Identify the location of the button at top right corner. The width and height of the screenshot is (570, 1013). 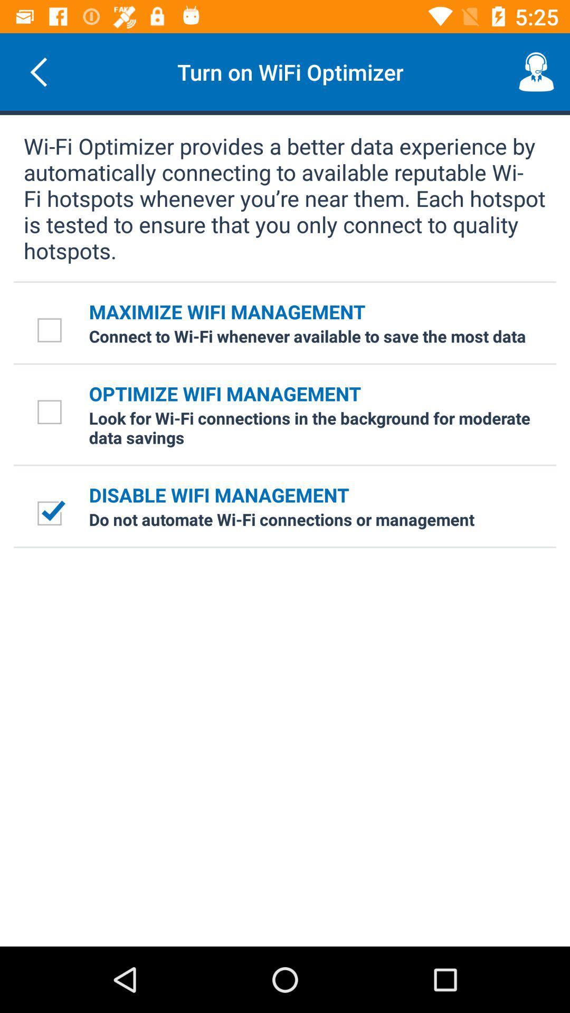
(537, 72).